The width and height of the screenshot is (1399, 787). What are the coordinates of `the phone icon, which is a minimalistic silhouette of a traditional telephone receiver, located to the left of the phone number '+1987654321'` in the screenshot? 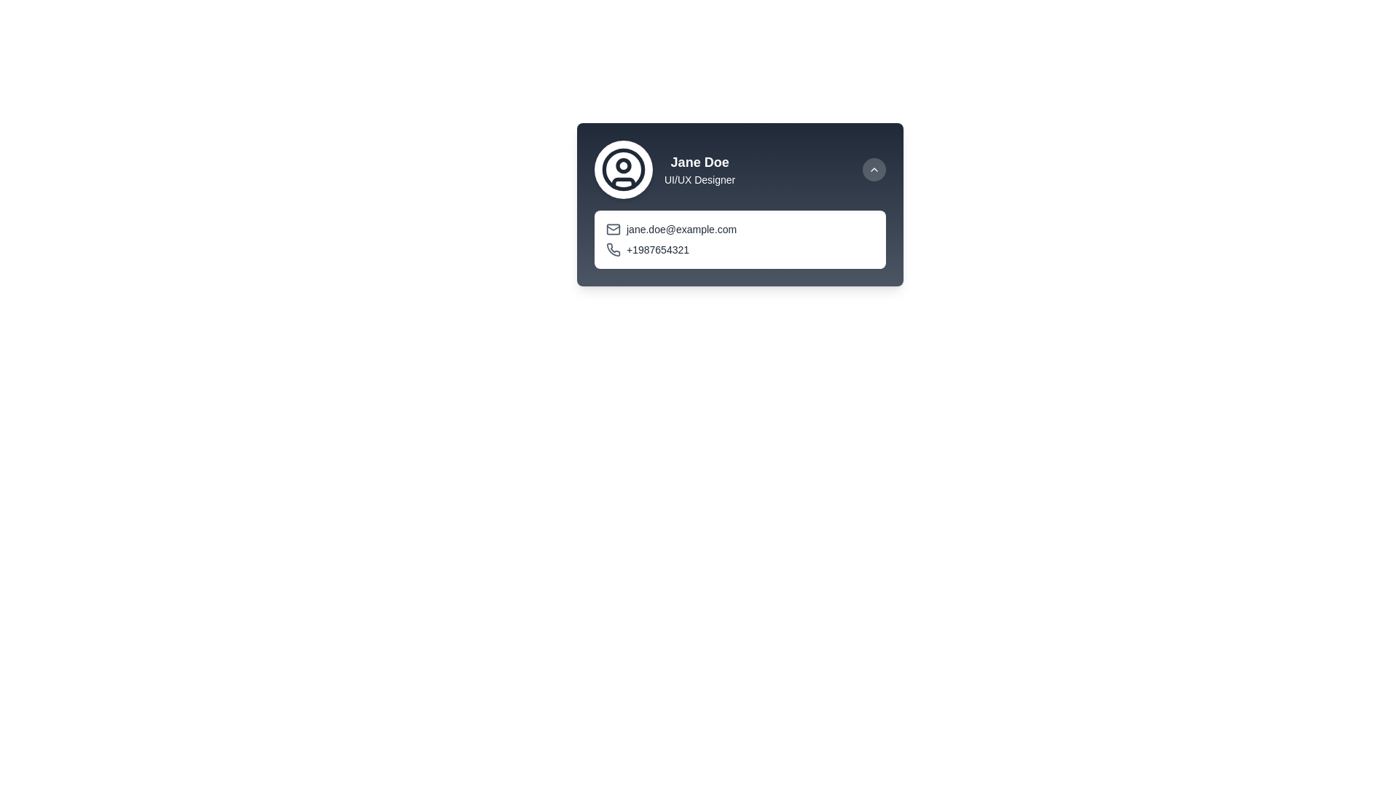 It's located at (614, 249).